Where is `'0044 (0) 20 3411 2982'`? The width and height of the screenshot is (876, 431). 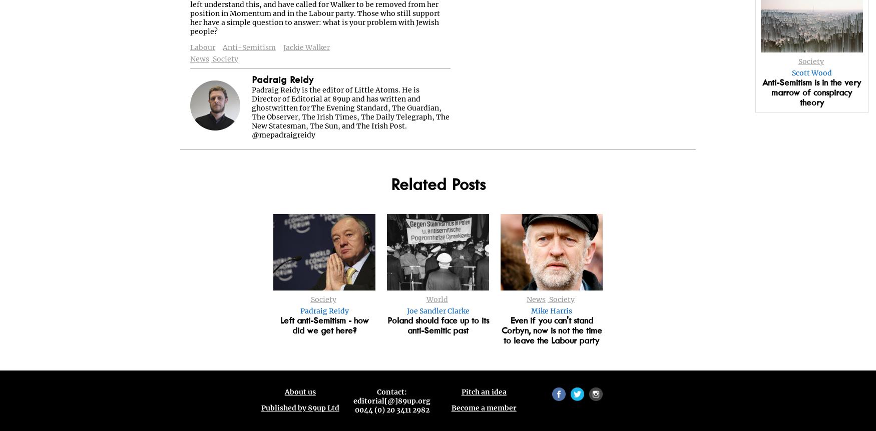
'0044 (0) 20 3411 2982' is located at coordinates (391, 409).